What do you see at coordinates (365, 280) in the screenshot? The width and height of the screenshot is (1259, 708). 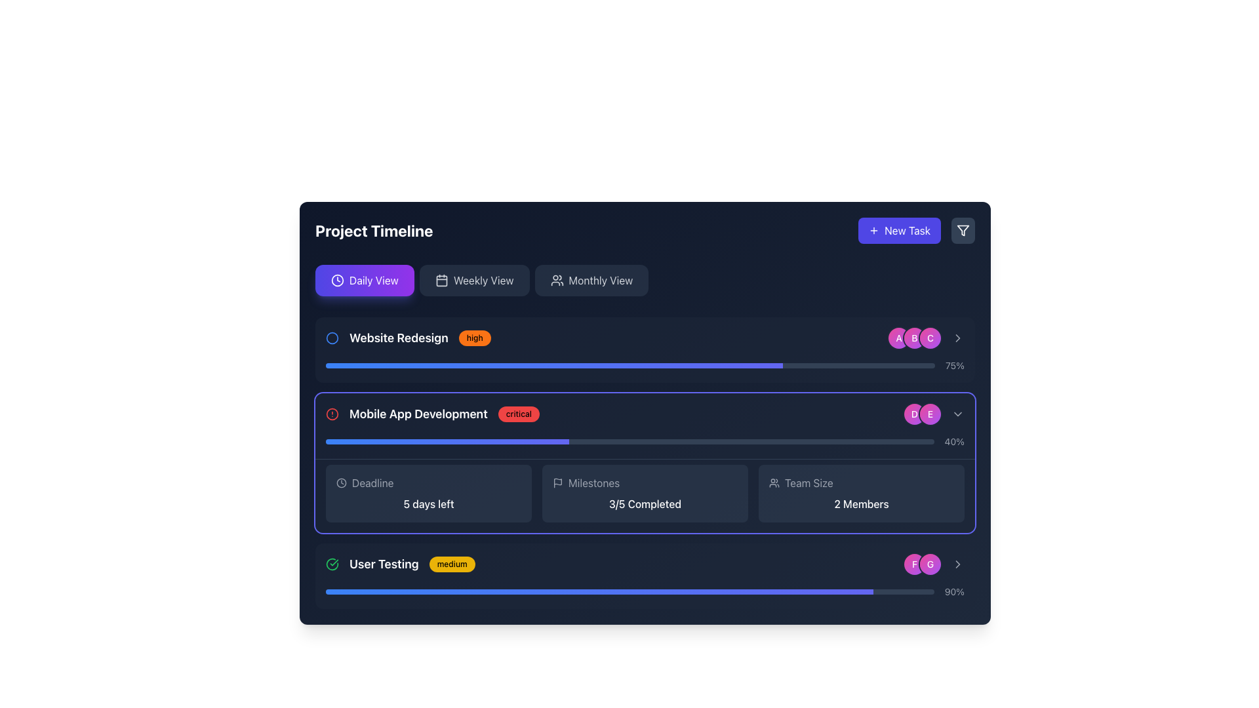 I see `the button with a gradient background transitioning from indigo to purple shades, which features white text and a clock icon` at bounding box center [365, 280].